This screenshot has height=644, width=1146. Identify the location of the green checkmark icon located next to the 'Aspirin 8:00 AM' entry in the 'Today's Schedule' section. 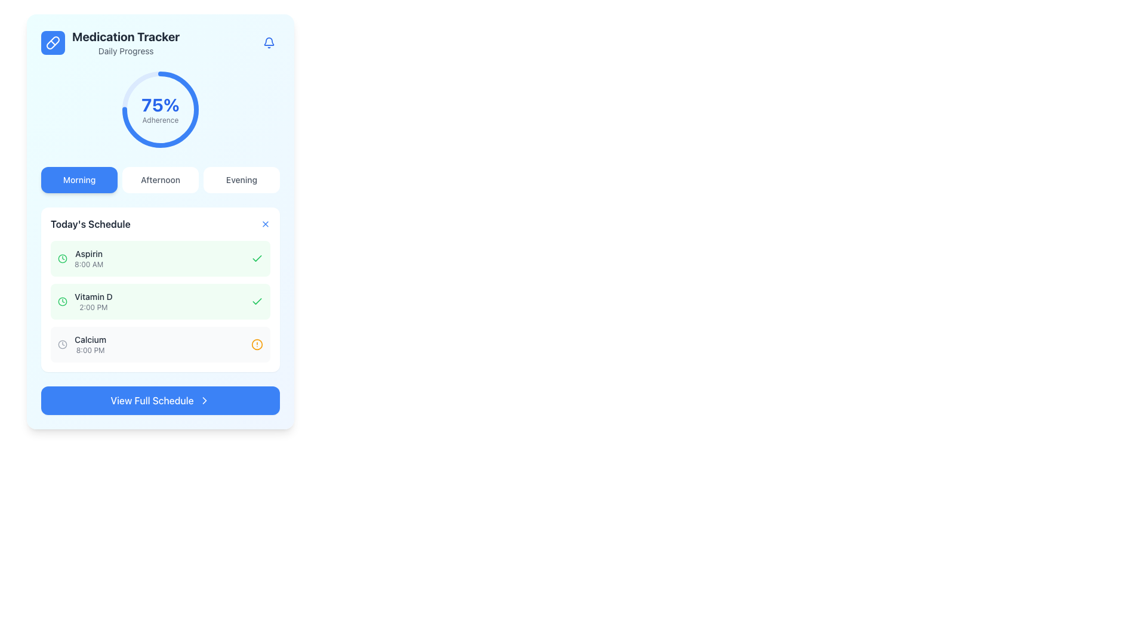
(257, 258).